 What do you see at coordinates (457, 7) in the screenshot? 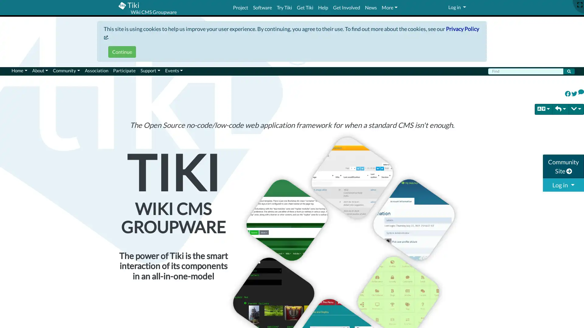
I see `Log in` at bounding box center [457, 7].